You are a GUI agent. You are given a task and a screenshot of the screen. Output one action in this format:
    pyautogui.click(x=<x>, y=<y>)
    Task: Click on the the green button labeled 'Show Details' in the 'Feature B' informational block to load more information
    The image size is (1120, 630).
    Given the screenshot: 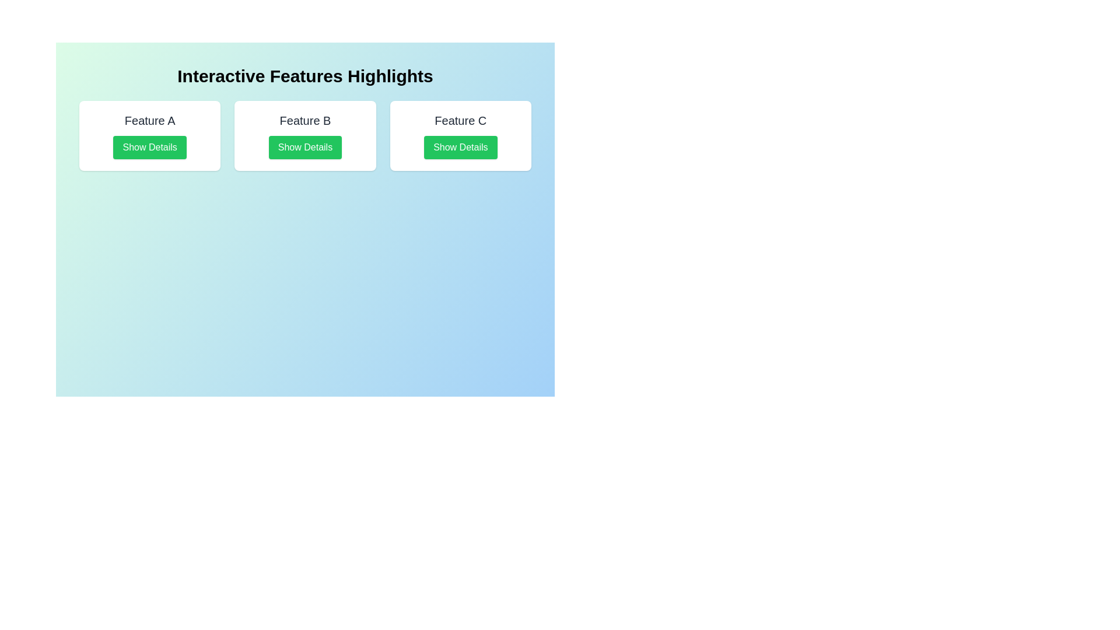 What is the action you would take?
    pyautogui.click(x=305, y=135)
    